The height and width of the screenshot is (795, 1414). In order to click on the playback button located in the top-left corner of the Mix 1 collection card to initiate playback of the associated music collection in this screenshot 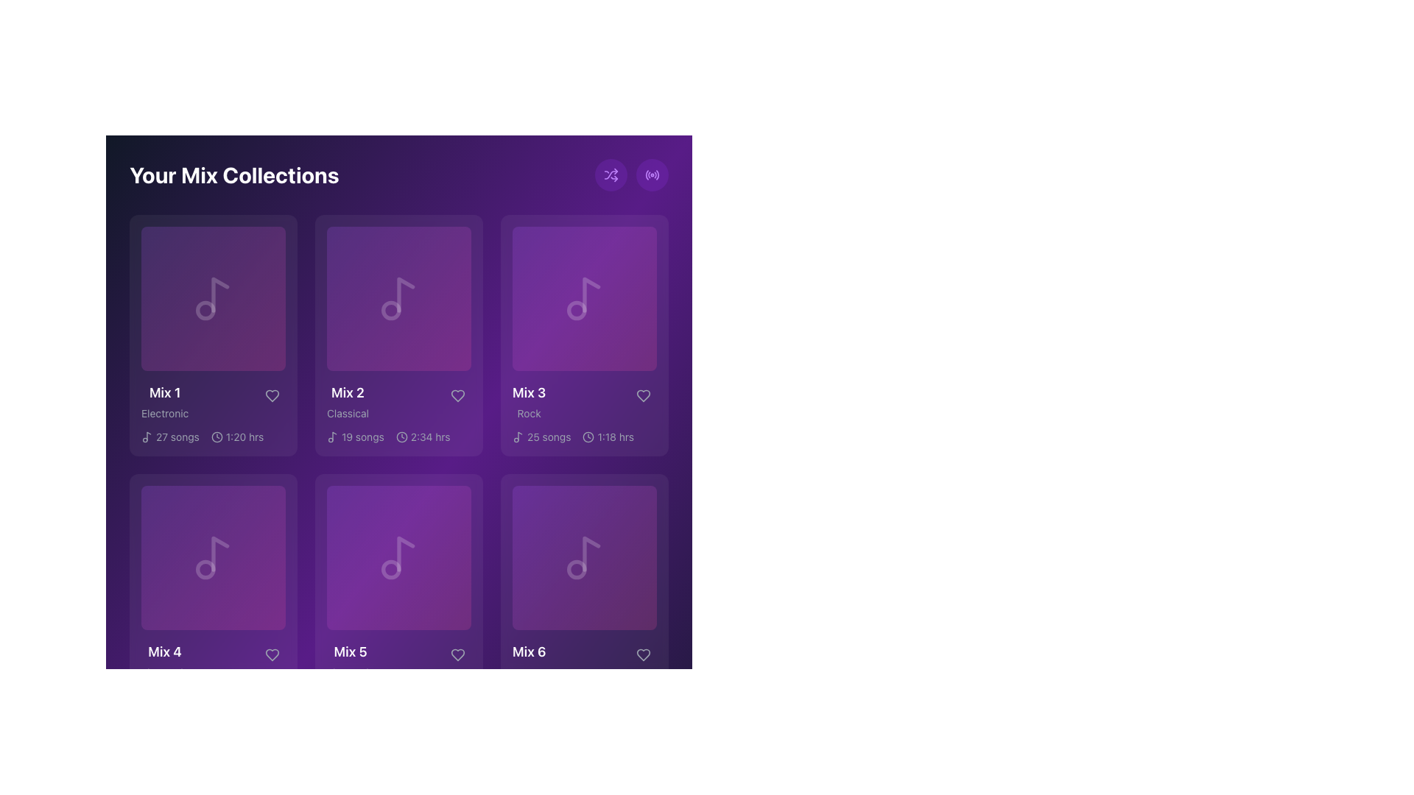, I will do `click(212, 298)`.